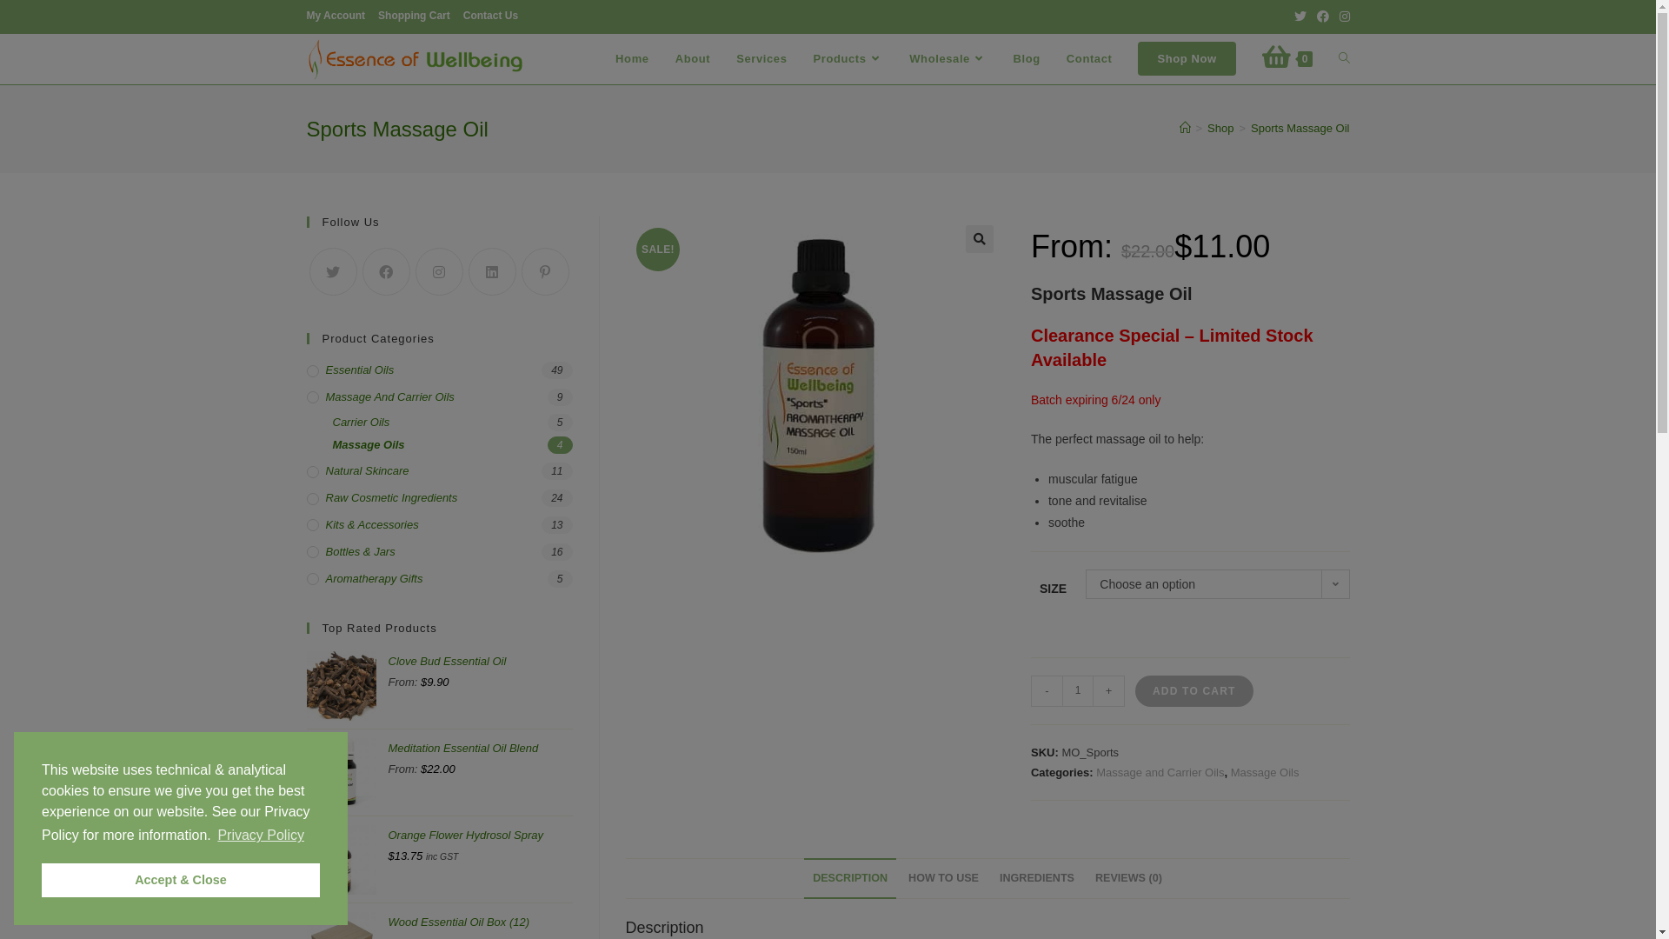 This screenshot has height=939, width=1669. What do you see at coordinates (662, 58) in the screenshot?
I see `'About'` at bounding box center [662, 58].